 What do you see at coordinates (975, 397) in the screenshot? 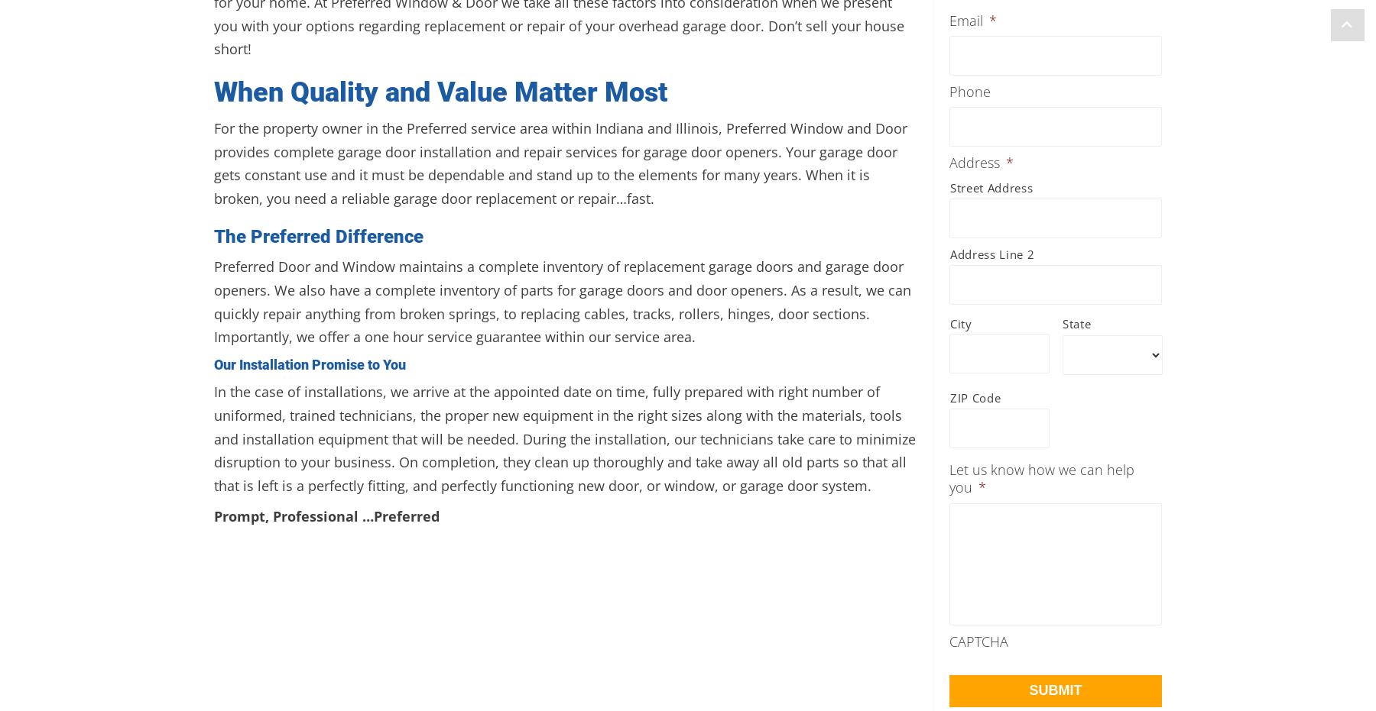
I see `'ZIP Code'` at bounding box center [975, 397].